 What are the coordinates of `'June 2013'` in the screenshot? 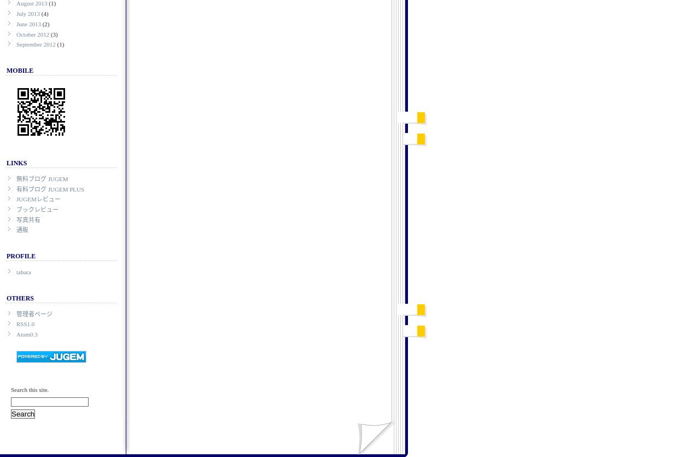 It's located at (16, 24).